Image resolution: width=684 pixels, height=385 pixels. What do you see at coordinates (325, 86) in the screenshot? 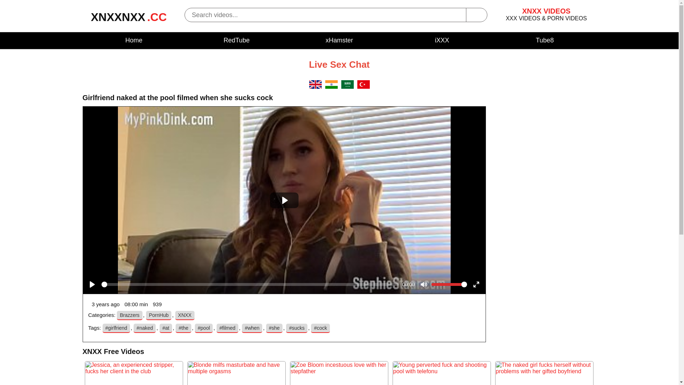
I see `'IN'` at bounding box center [325, 86].